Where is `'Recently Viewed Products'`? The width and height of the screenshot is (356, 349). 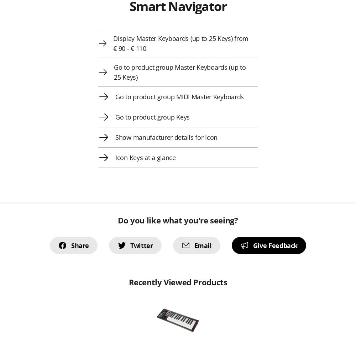 'Recently Viewed Products' is located at coordinates (177, 282).